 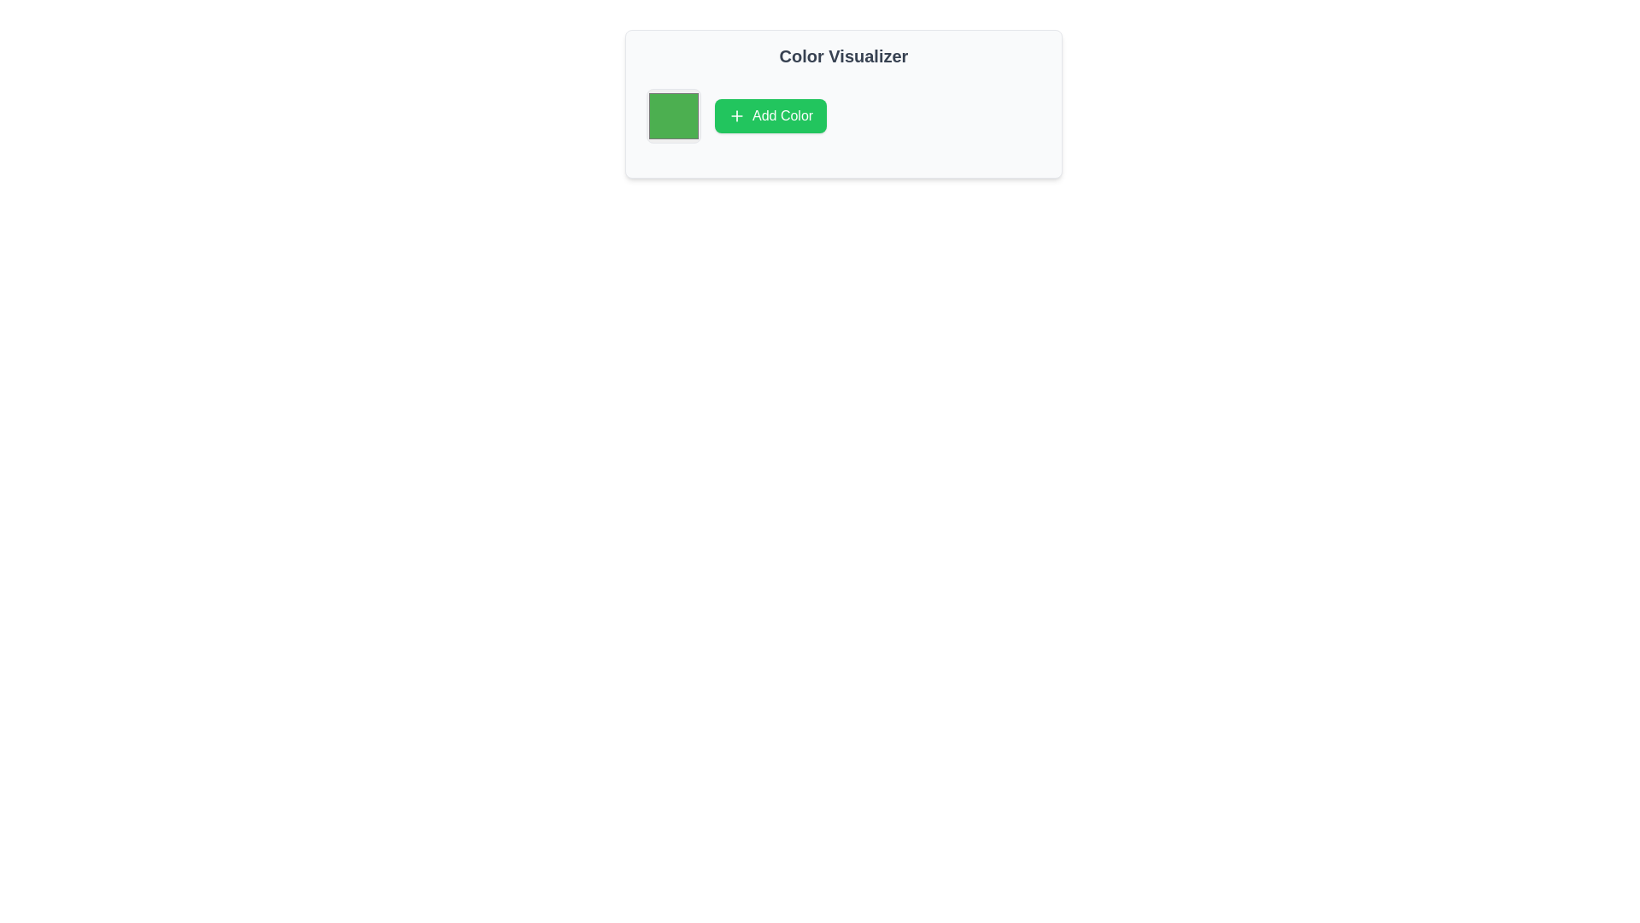 What do you see at coordinates (672, 115) in the screenshot?
I see `the green color swatch in the Color Selector Display` at bounding box center [672, 115].